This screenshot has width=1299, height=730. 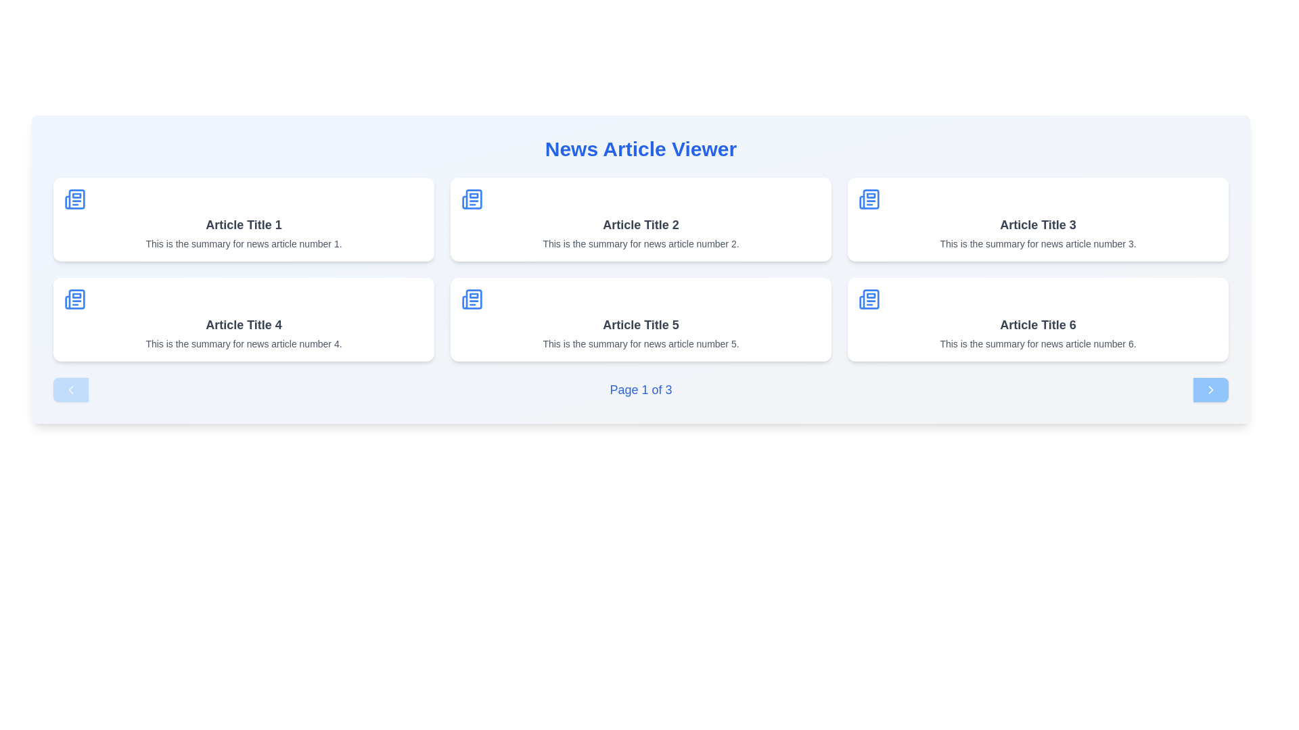 What do you see at coordinates (1211, 390) in the screenshot?
I see `the Pagination Control button located in the bottom-right corner of the pagination component to get visual feedback` at bounding box center [1211, 390].